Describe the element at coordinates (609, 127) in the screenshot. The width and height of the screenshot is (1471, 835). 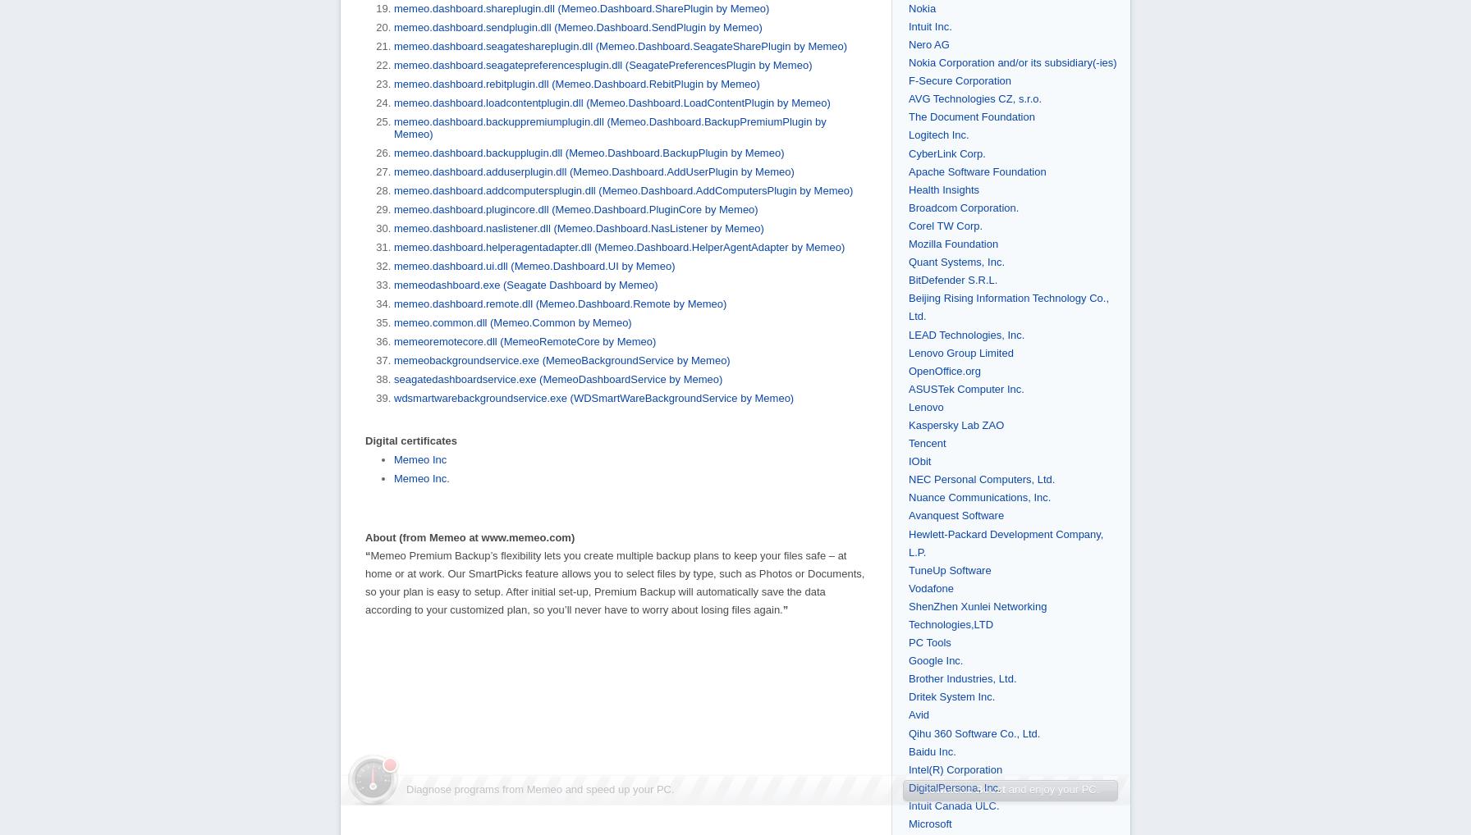
I see `'memeo.dashboard.backuppremiumplugin.dll (Memeo.Dashboard.BackupPremiumPlugin by Memeo)'` at that location.